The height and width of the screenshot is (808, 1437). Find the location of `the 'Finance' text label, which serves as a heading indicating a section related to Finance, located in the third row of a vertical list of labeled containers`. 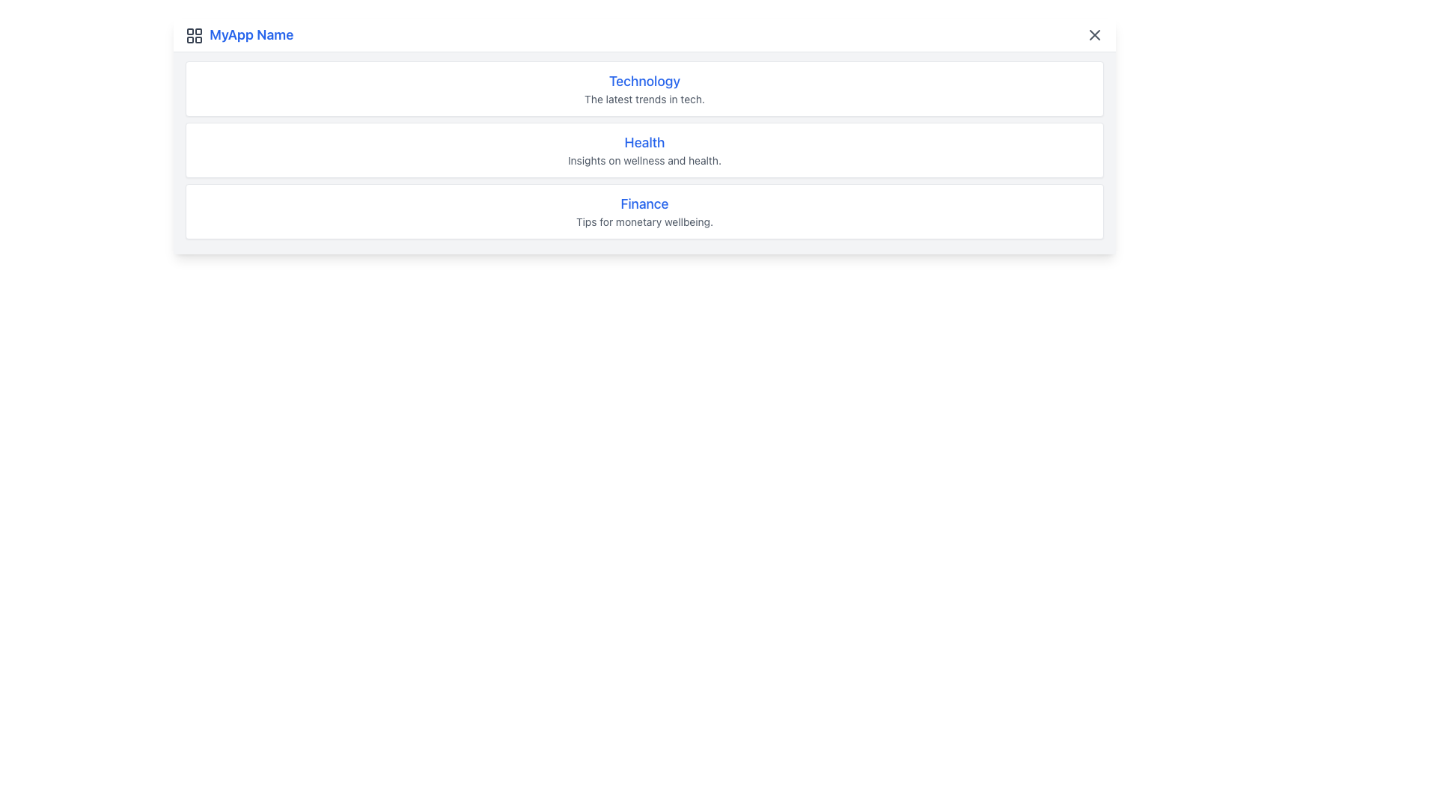

the 'Finance' text label, which serves as a heading indicating a section related to Finance, located in the third row of a vertical list of labeled containers is located at coordinates (644, 204).